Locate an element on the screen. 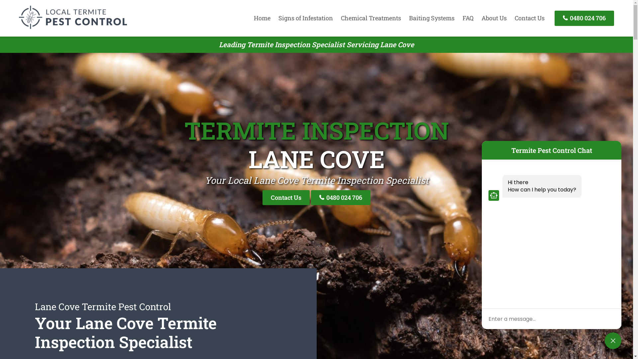  'close' is located at coordinates (604, 341).